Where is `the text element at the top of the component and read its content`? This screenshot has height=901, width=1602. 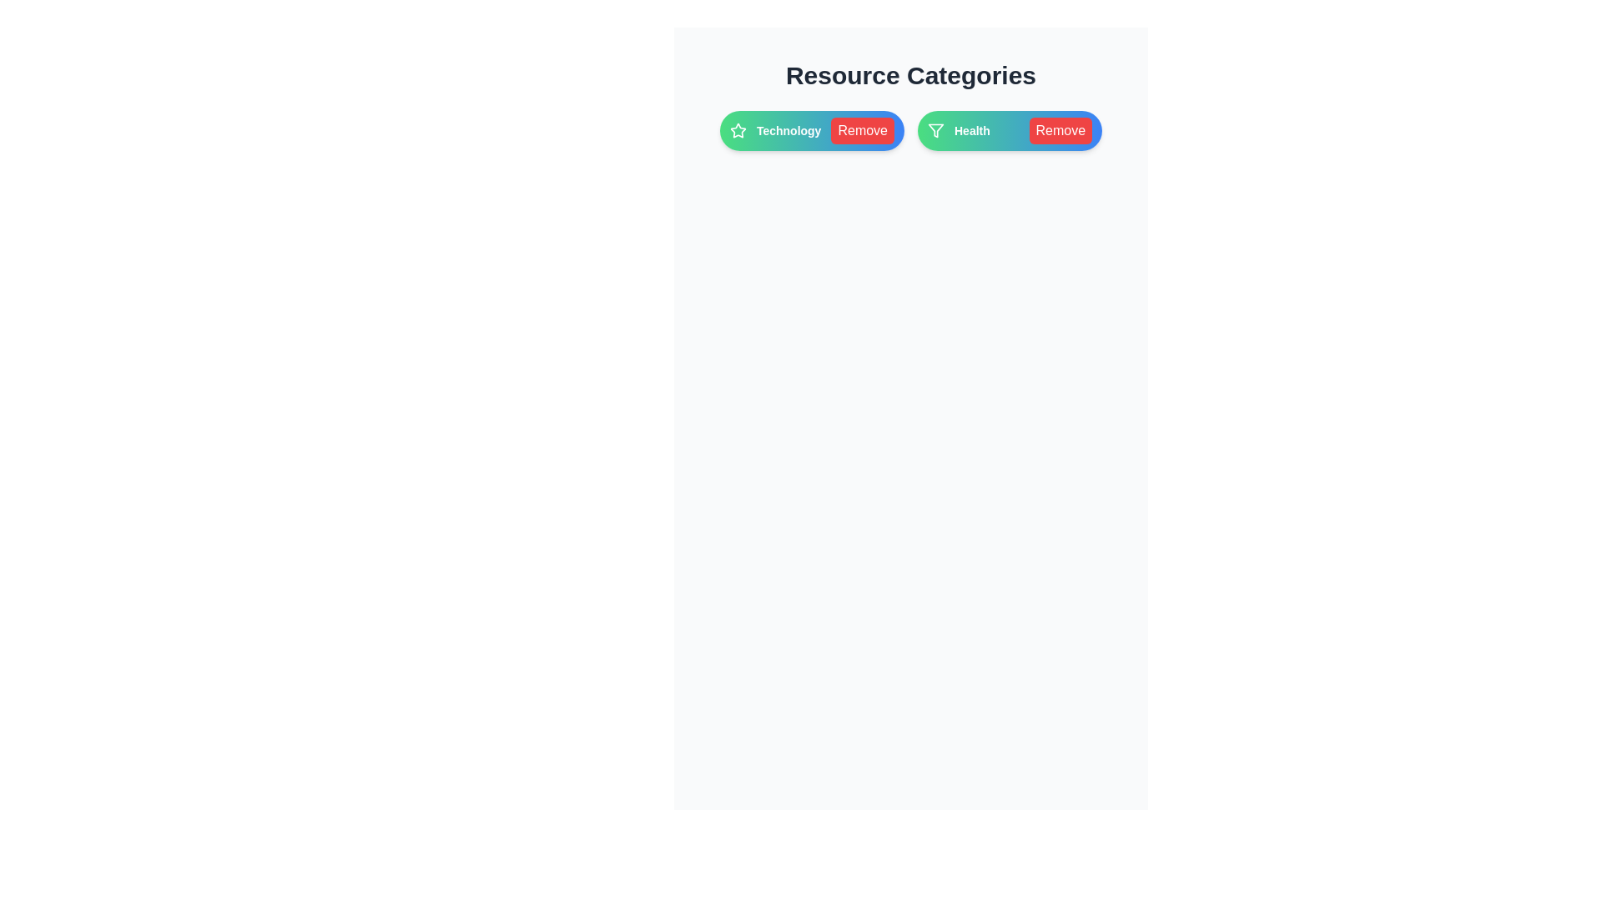 the text element at the top of the component and read its content is located at coordinates (909, 76).